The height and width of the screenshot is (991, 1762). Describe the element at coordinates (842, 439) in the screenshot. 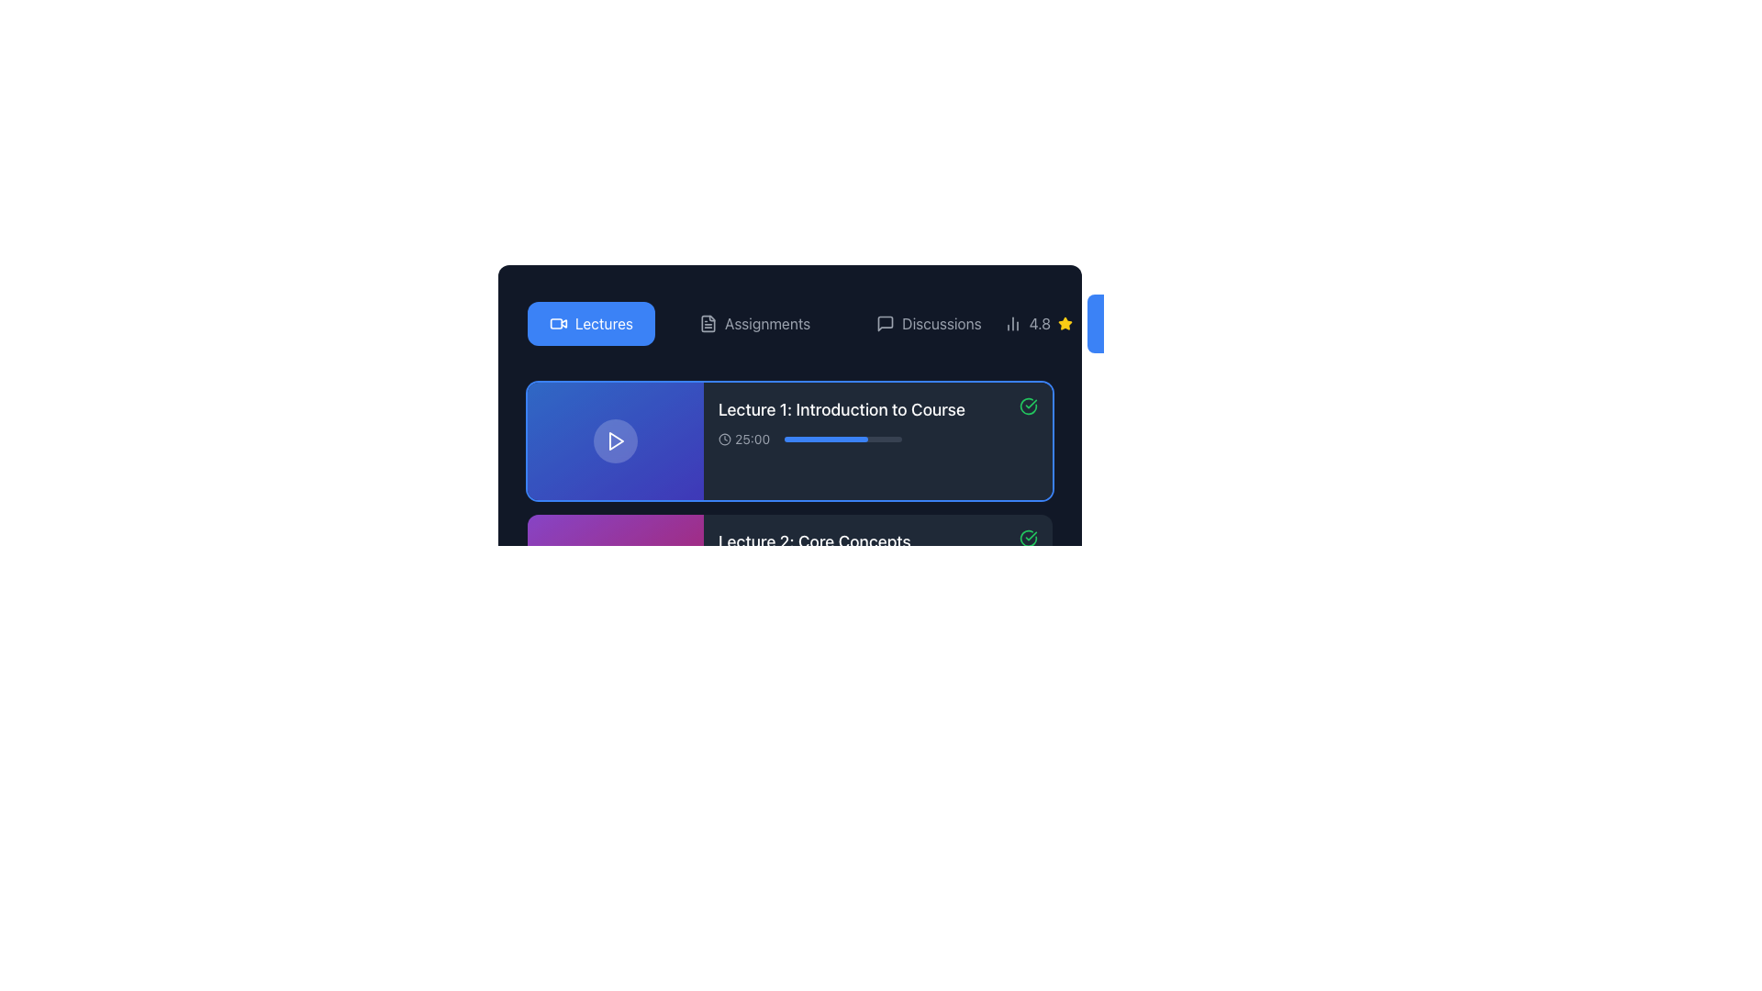

I see `the horizontal progress bar with a rounded design that is filled to approximately 71% and located to the right of the text '25:00'` at that location.